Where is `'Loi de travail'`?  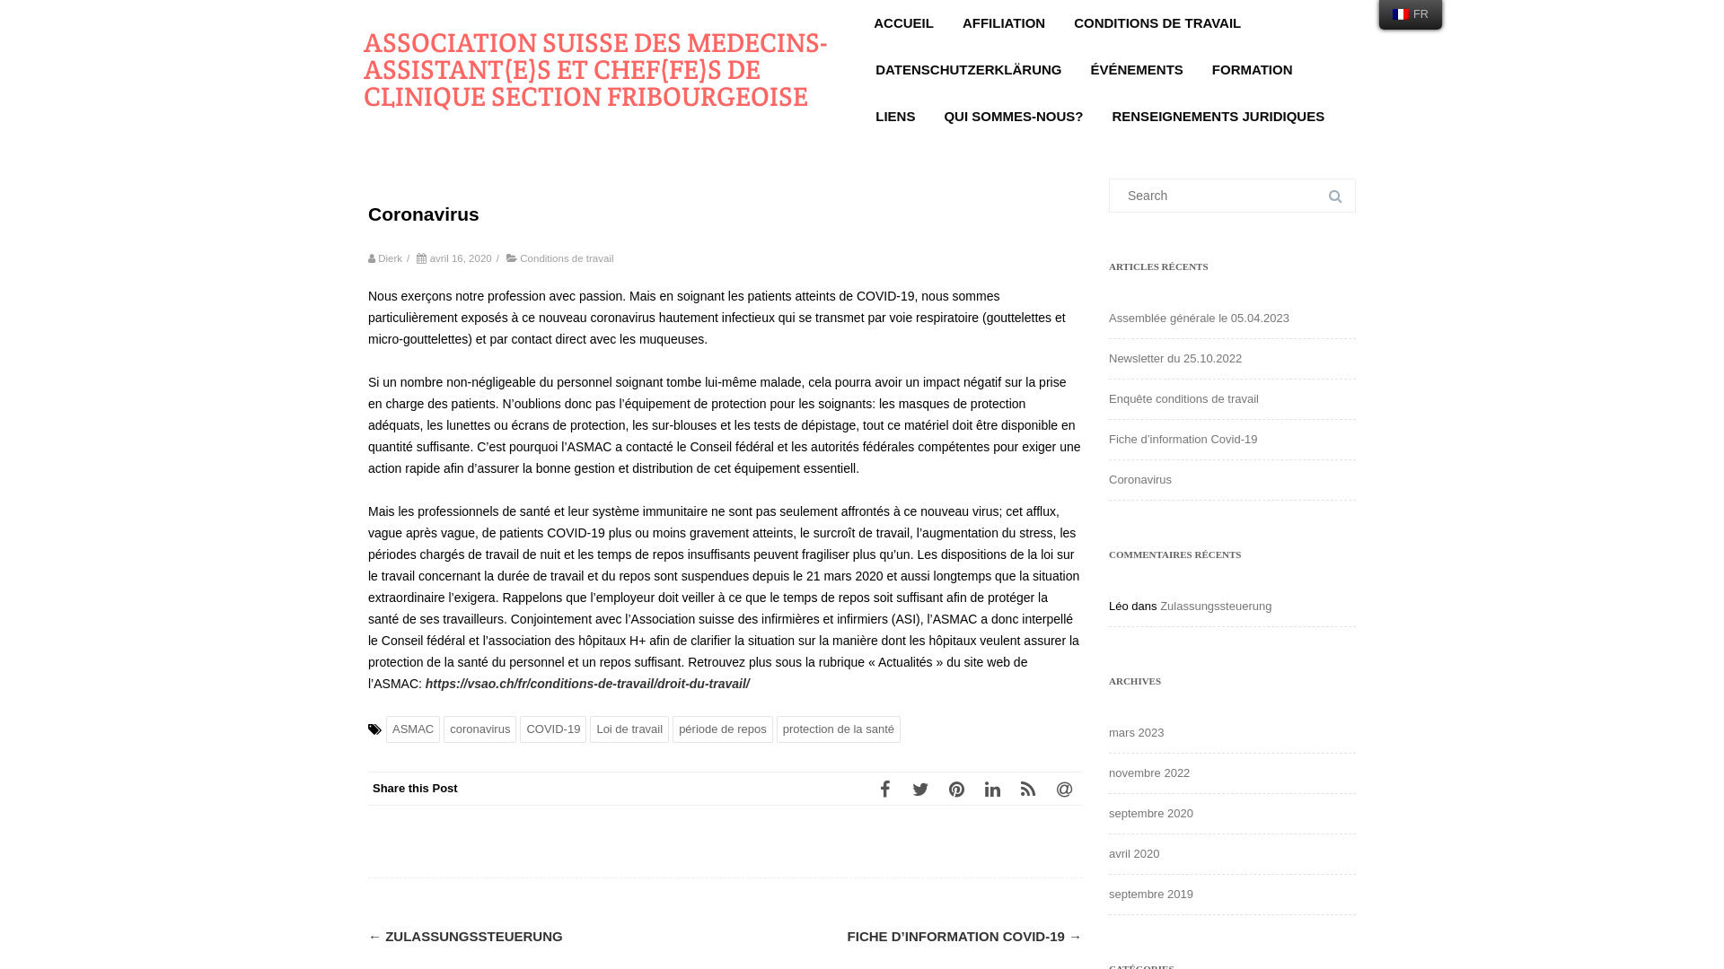 'Loi de travail' is located at coordinates (629, 729).